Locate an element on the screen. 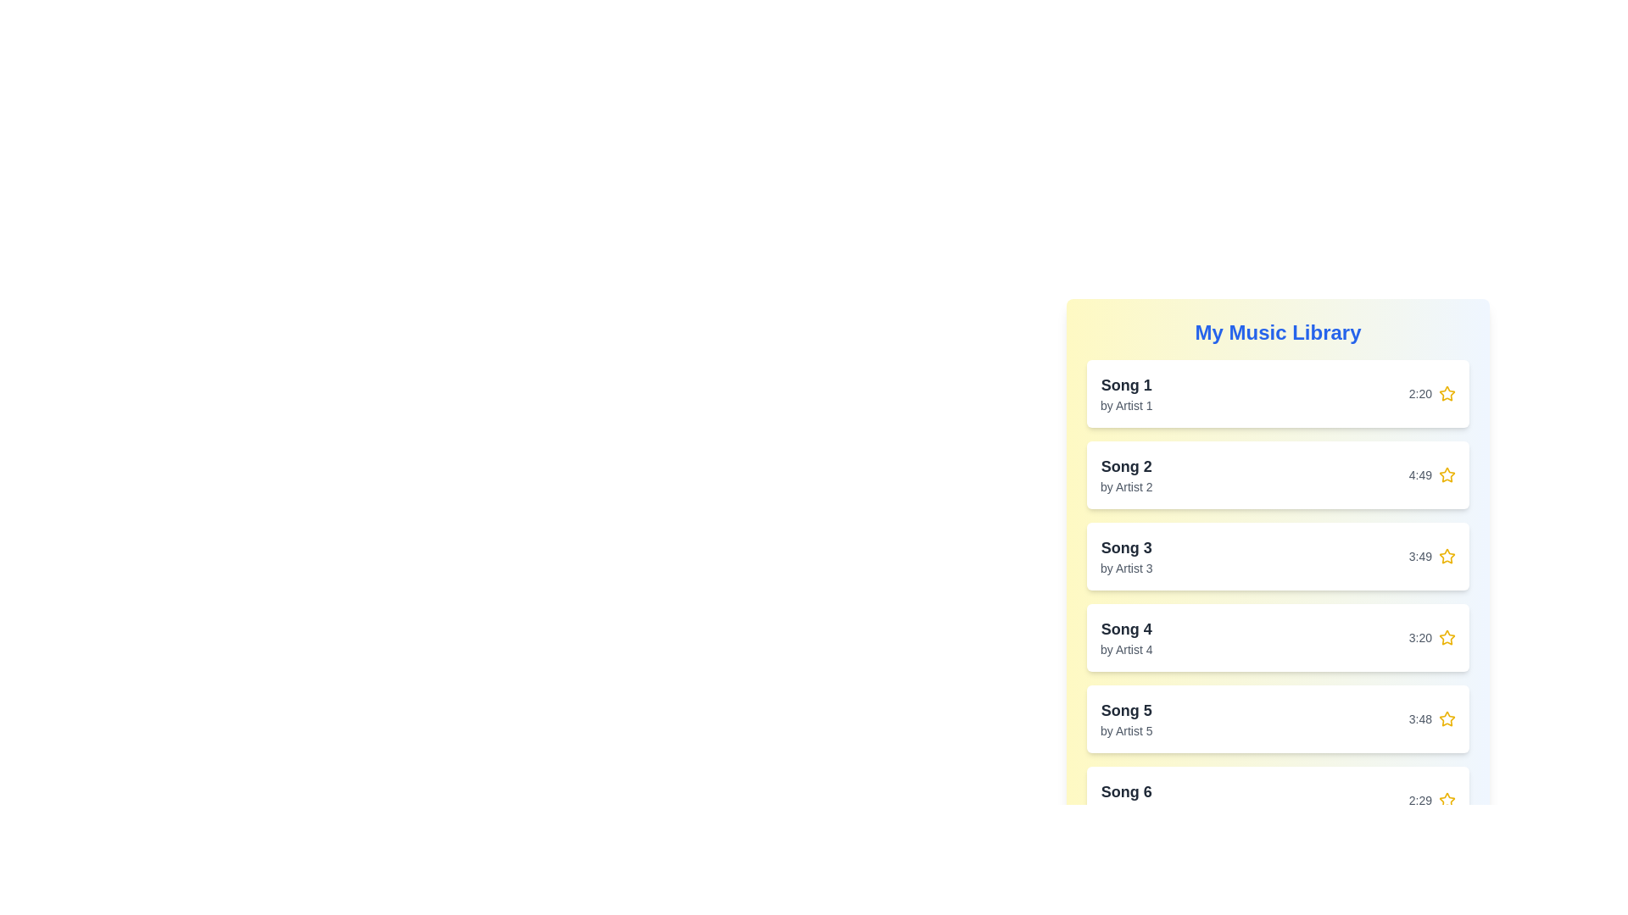  the second Card component in the 'My Music Library' list, which contains information about a music track is located at coordinates (1278, 474).